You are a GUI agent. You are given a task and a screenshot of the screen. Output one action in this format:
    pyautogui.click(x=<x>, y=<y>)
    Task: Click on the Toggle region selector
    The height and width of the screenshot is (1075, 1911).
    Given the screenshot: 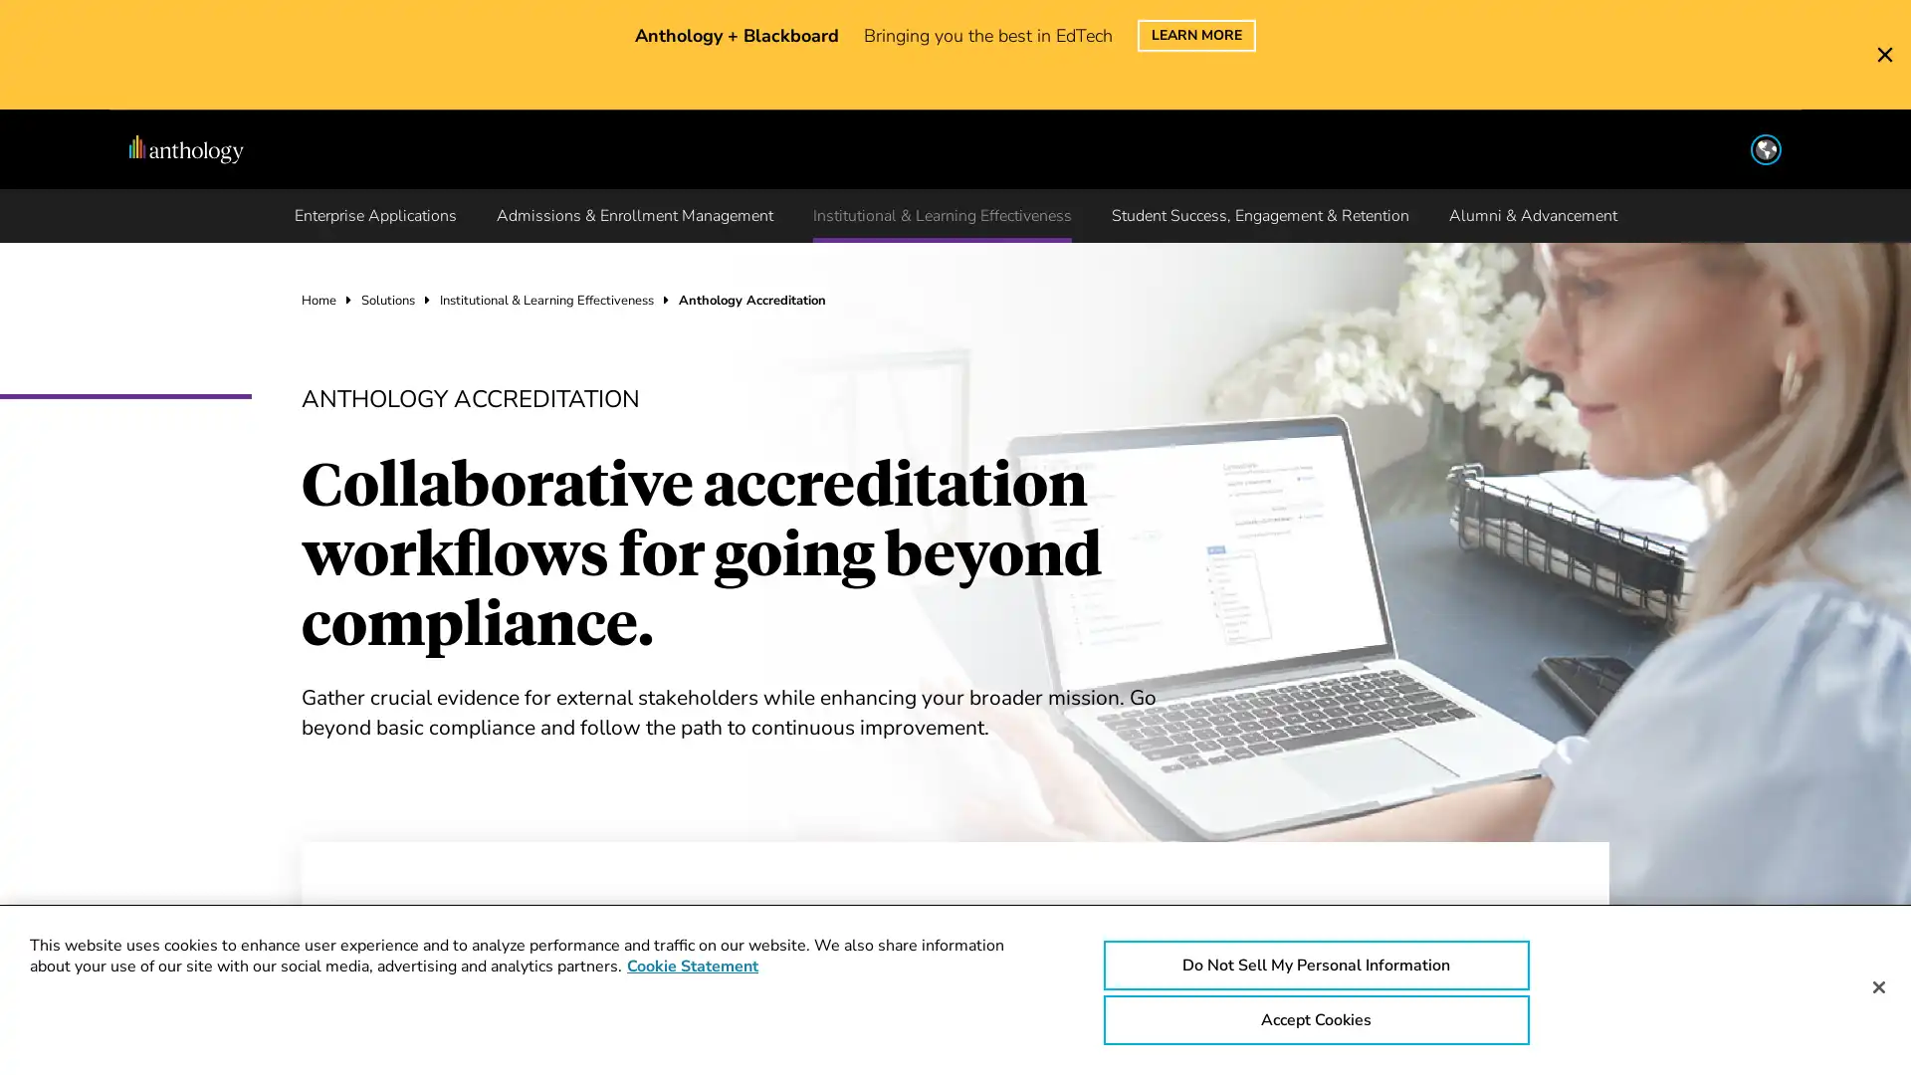 What is the action you would take?
    pyautogui.click(x=1725, y=121)
    